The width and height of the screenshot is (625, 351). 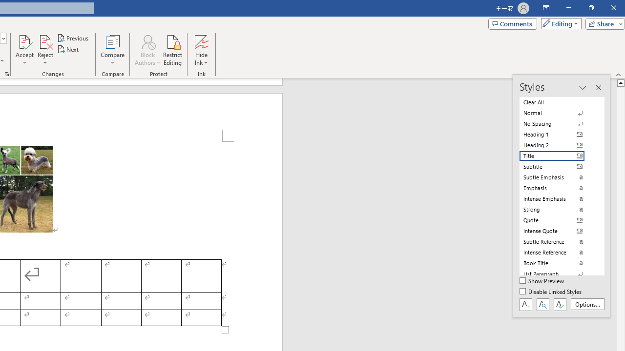 I want to click on 'Options...', so click(x=587, y=303).